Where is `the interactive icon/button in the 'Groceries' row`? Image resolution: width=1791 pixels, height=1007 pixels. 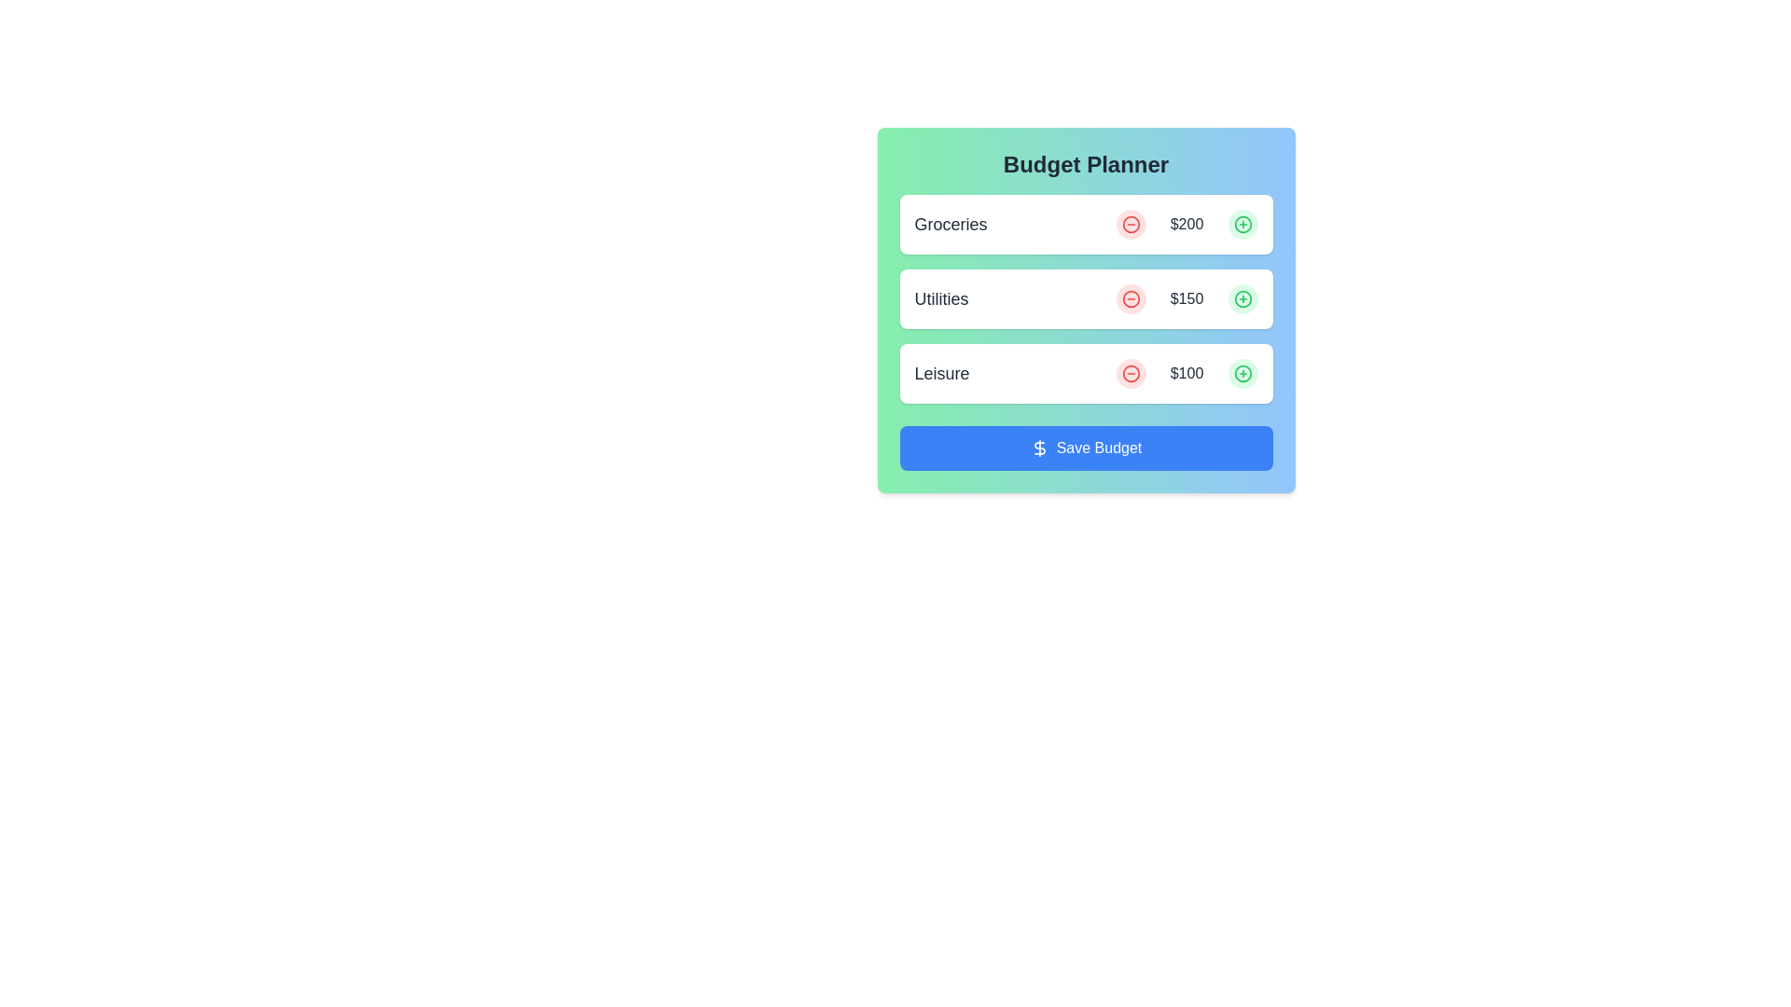 the interactive icon/button in the 'Groceries' row is located at coordinates (1130, 223).